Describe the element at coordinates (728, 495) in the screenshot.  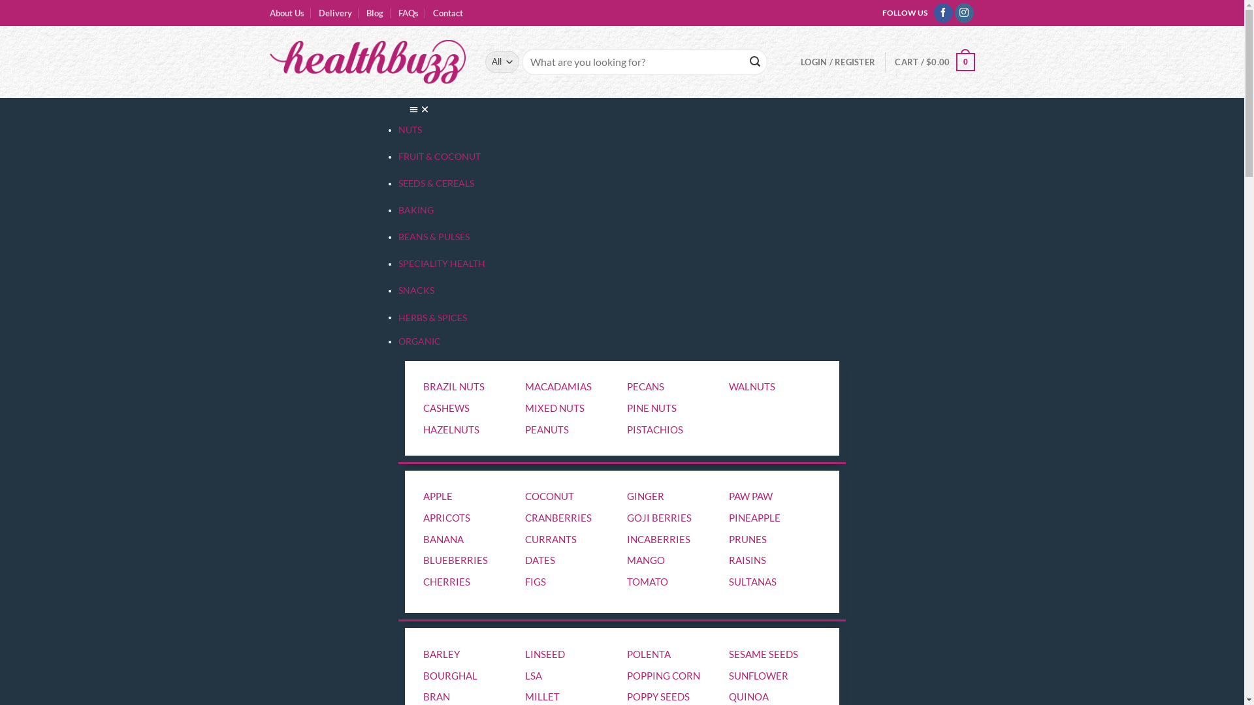
I see `'PAW PAW'` at that location.